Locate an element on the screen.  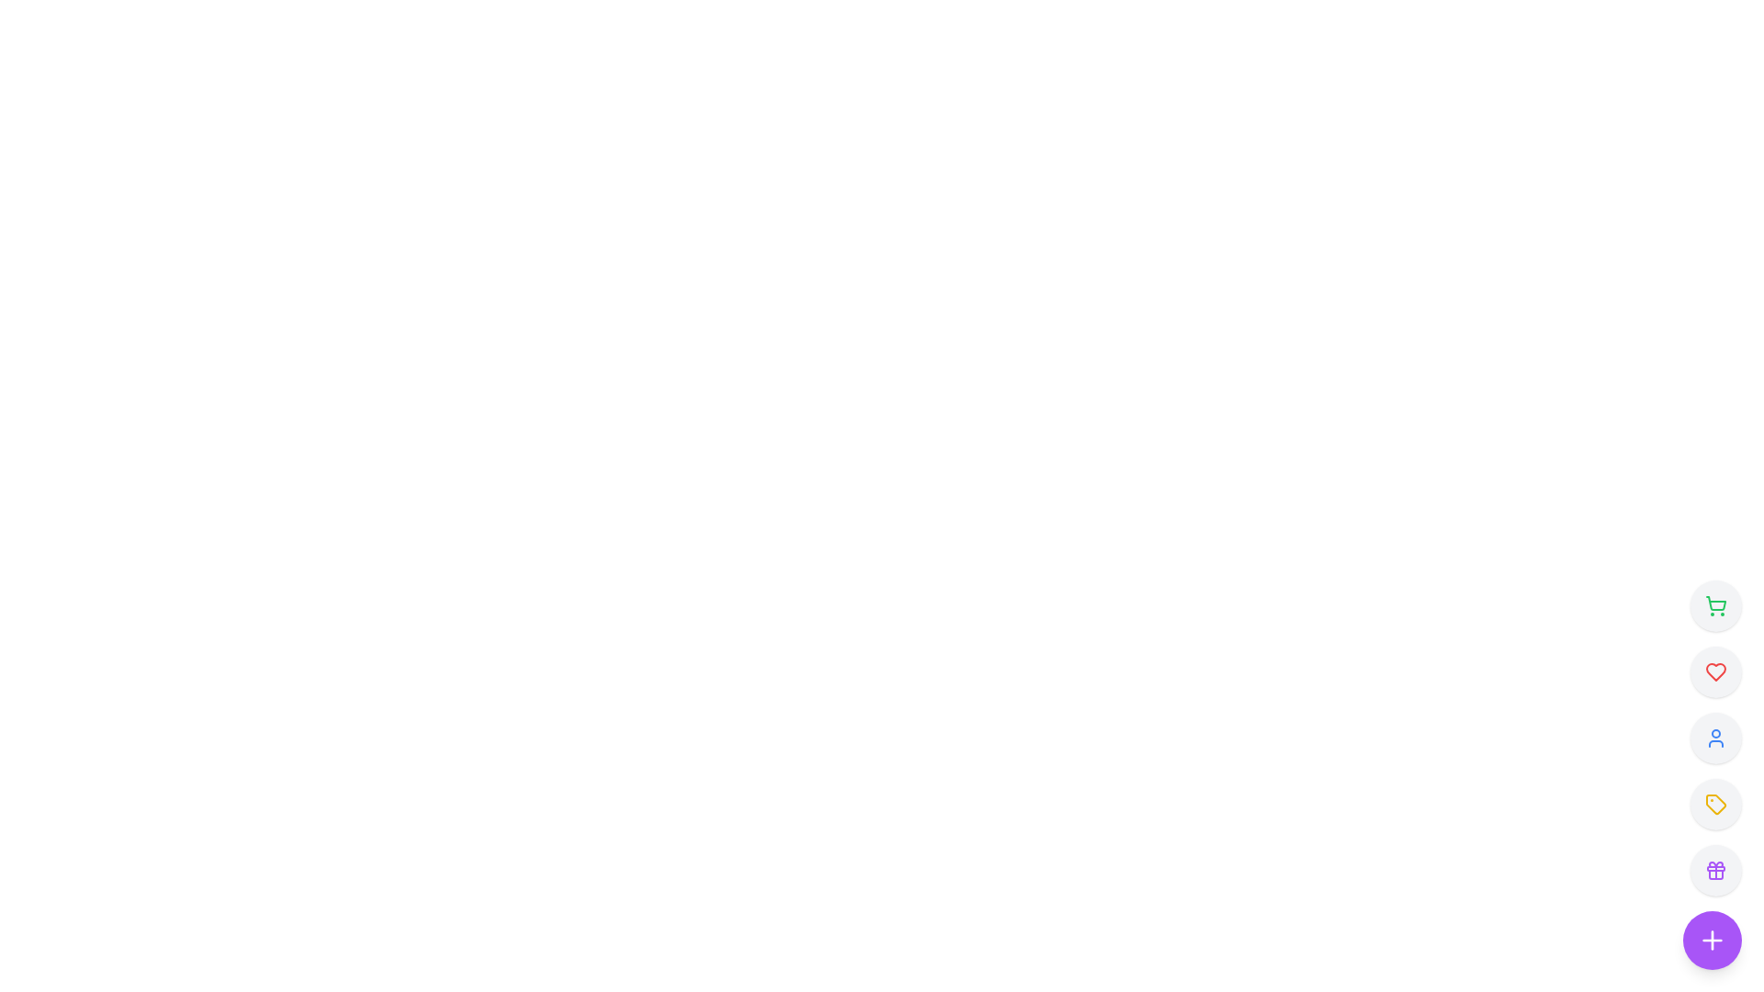
the third button from the top in the vertical arrangement on the far right is located at coordinates (1714, 737).